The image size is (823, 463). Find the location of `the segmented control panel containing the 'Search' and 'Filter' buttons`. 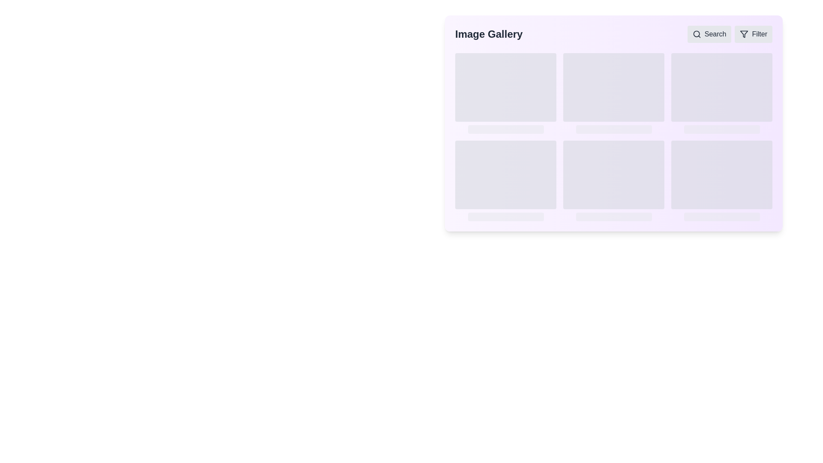

the segmented control panel containing the 'Search' and 'Filter' buttons is located at coordinates (729, 34).